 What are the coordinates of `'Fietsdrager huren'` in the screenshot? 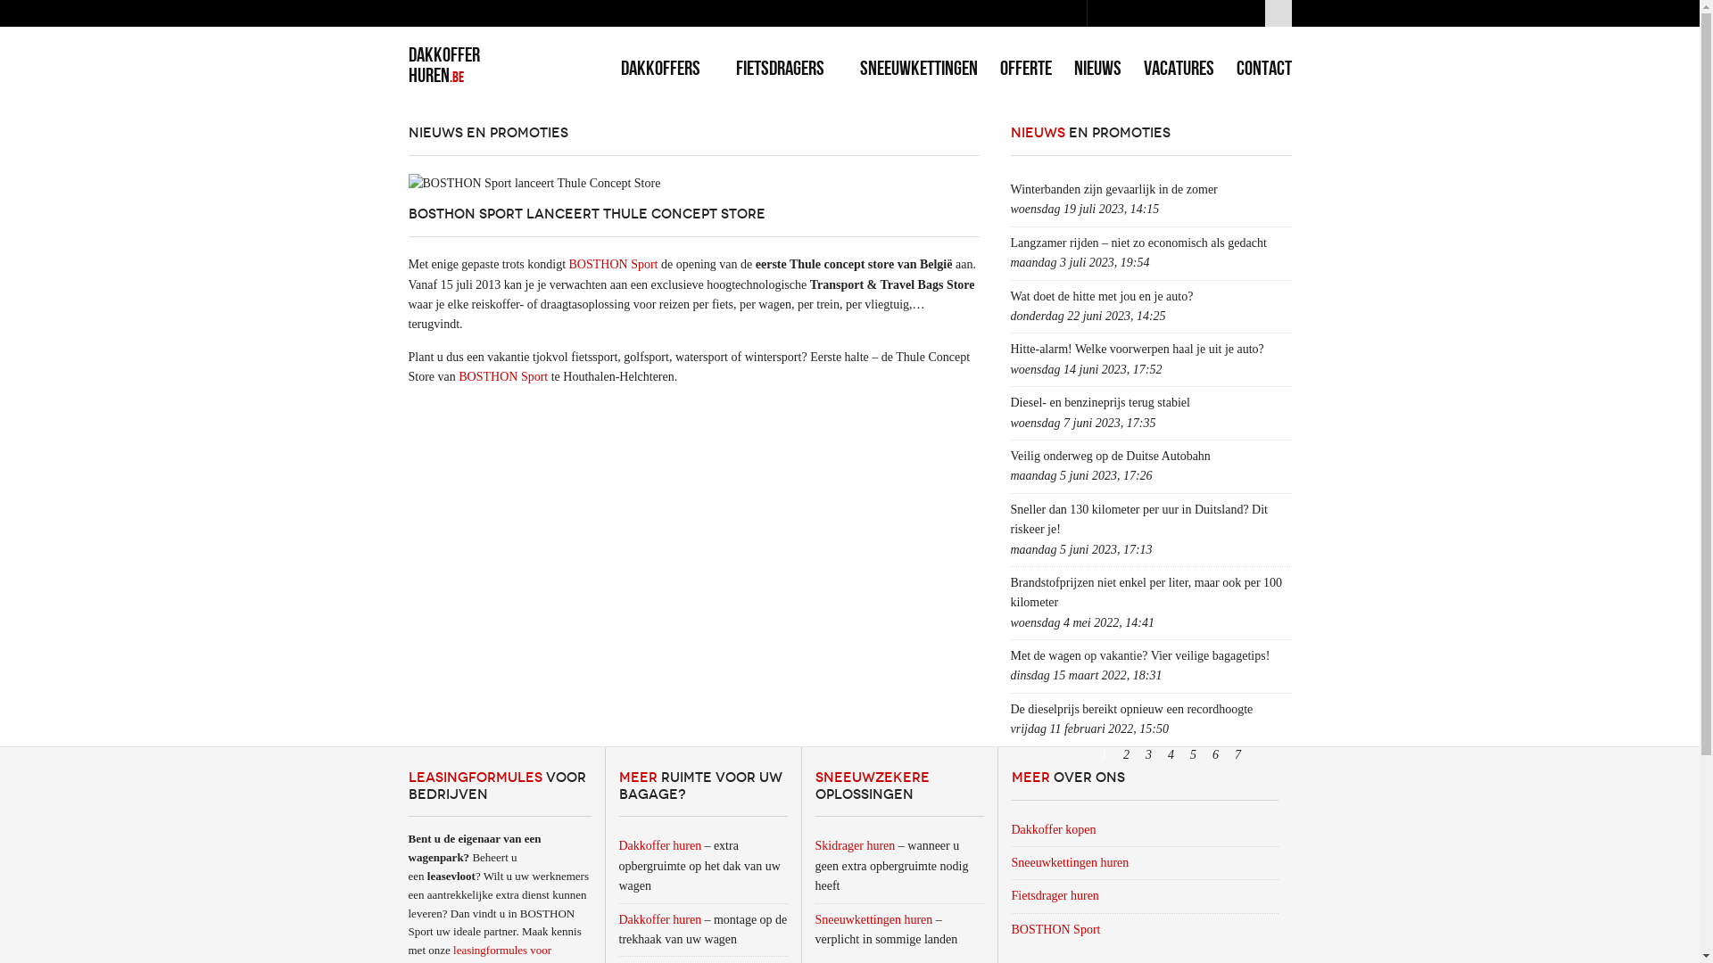 It's located at (1061, 895).